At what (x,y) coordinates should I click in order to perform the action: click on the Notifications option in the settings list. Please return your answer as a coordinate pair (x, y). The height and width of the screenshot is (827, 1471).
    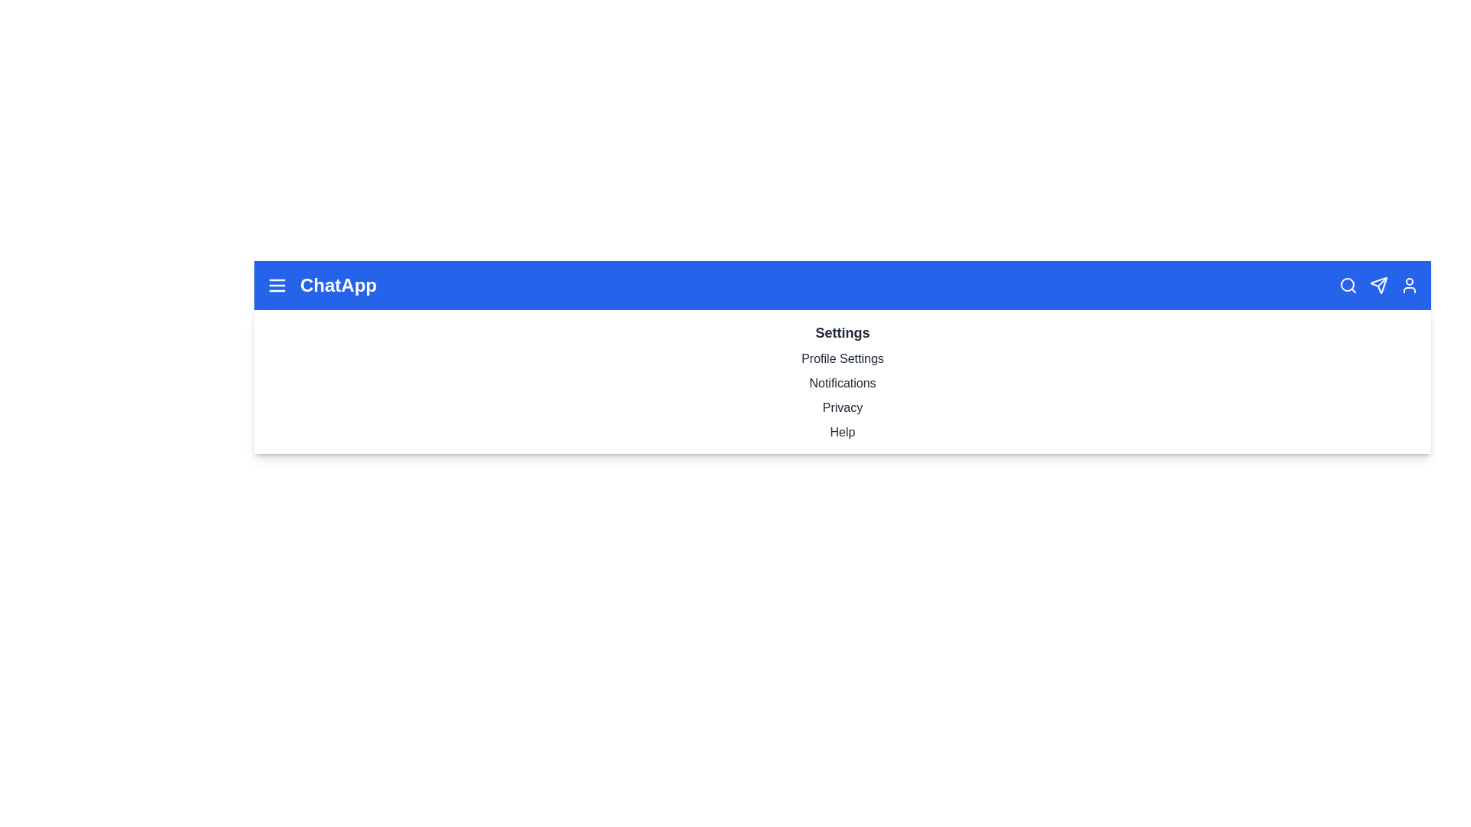
    Looking at the image, I should click on (841, 383).